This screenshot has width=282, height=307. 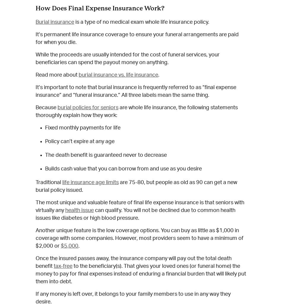 I want to click on 'burial policies for seniors', so click(x=88, y=107).